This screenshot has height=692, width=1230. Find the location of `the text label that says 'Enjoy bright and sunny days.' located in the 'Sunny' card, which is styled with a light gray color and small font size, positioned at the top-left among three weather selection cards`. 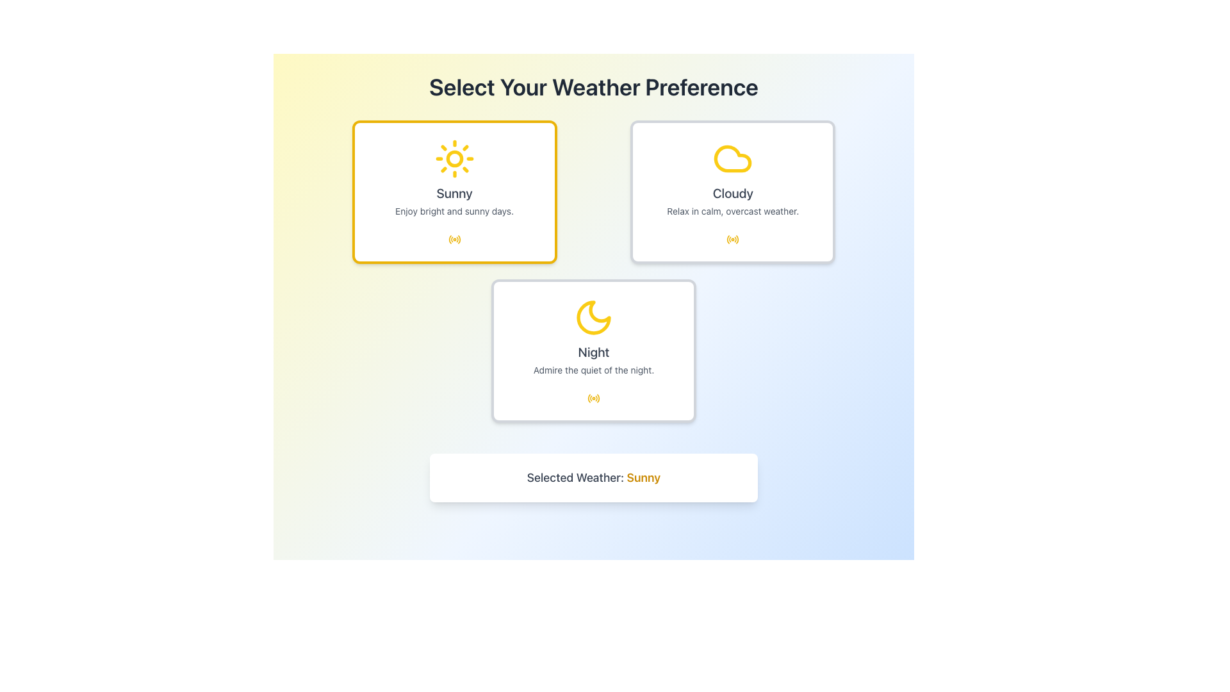

the text label that says 'Enjoy bright and sunny days.' located in the 'Sunny' card, which is styled with a light gray color and small font size, positioned at the top-left among three weather selection cards is located at coordinates (454, 211).